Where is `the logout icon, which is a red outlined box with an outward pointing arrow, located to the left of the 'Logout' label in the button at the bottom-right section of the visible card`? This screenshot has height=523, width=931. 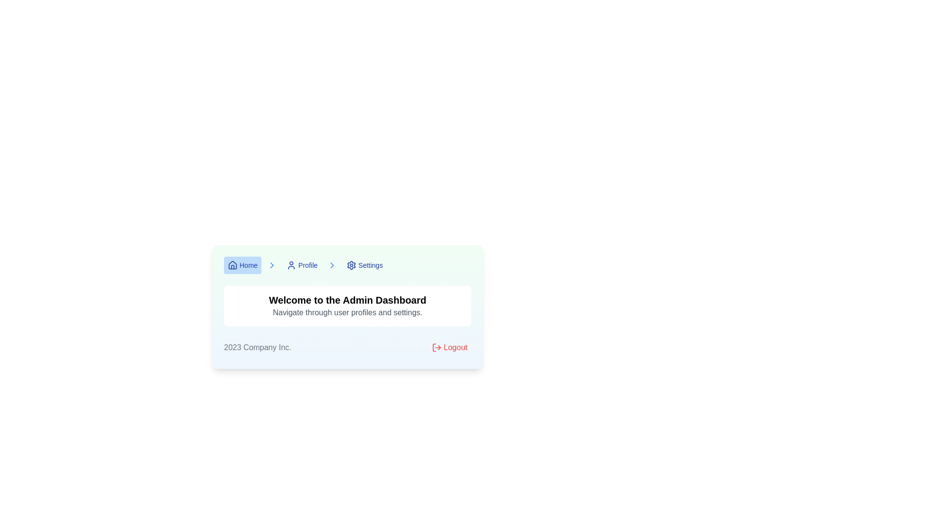 the logout icon, which is a red outlined box with an outward pointing arrow, located to the left of the 'Logout' label in the button at the bottom-right section of the visible card is located at coordinates (436, 347).